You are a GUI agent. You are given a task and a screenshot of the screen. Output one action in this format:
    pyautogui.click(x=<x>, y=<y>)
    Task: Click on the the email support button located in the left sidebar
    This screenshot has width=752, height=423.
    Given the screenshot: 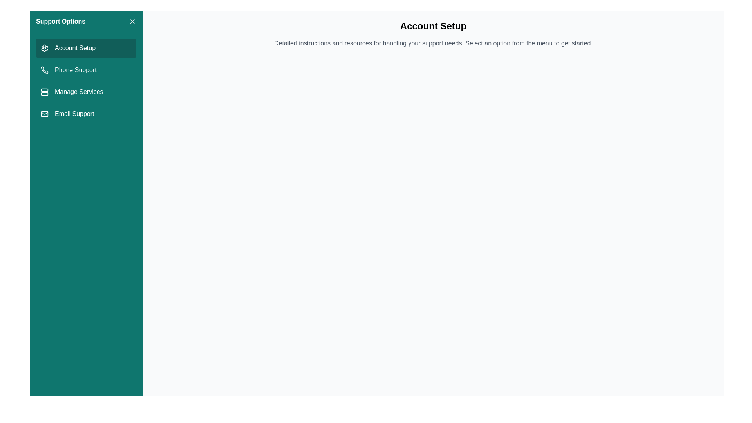 What is the action you would take?
    pyautogui.click(x=86, y=114)
    